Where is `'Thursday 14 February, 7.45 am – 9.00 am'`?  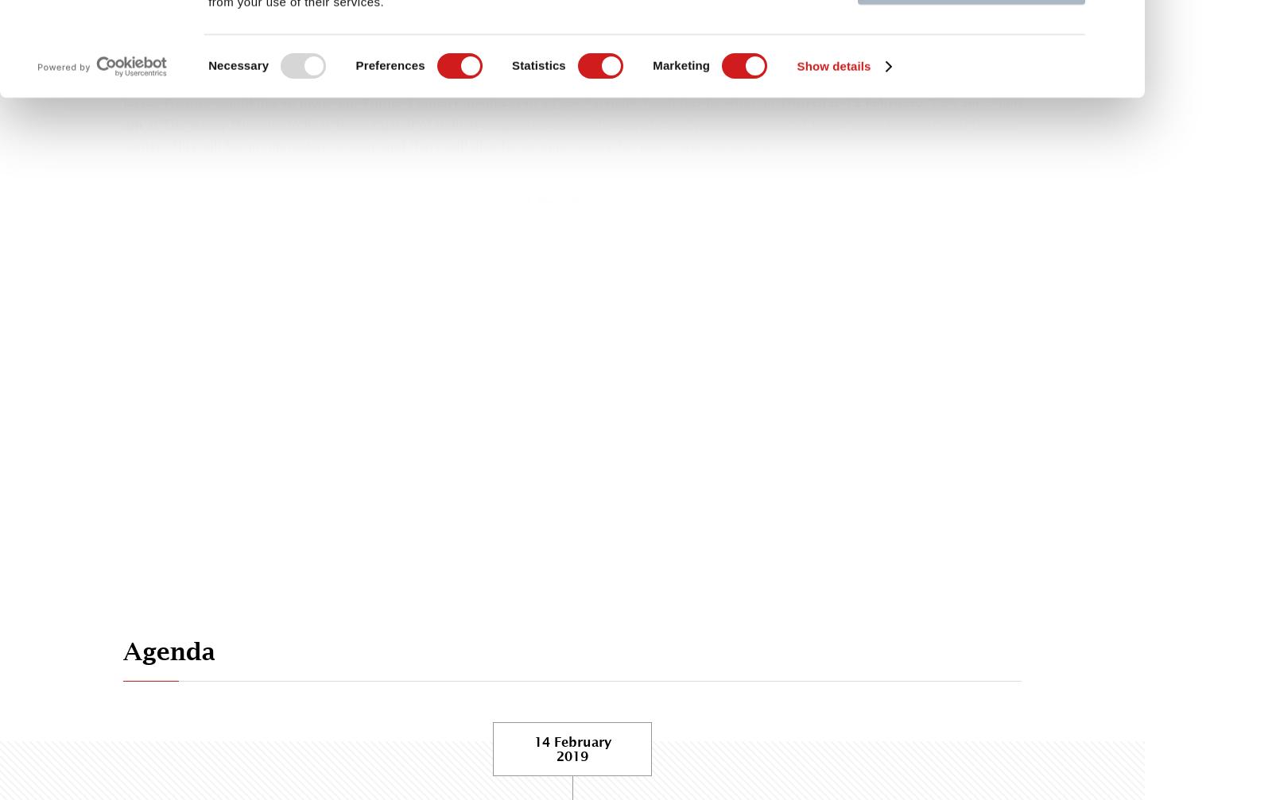
'Thursday 14 February, 7.45 am – 9.00 am' is located at coordinates (572, 114).